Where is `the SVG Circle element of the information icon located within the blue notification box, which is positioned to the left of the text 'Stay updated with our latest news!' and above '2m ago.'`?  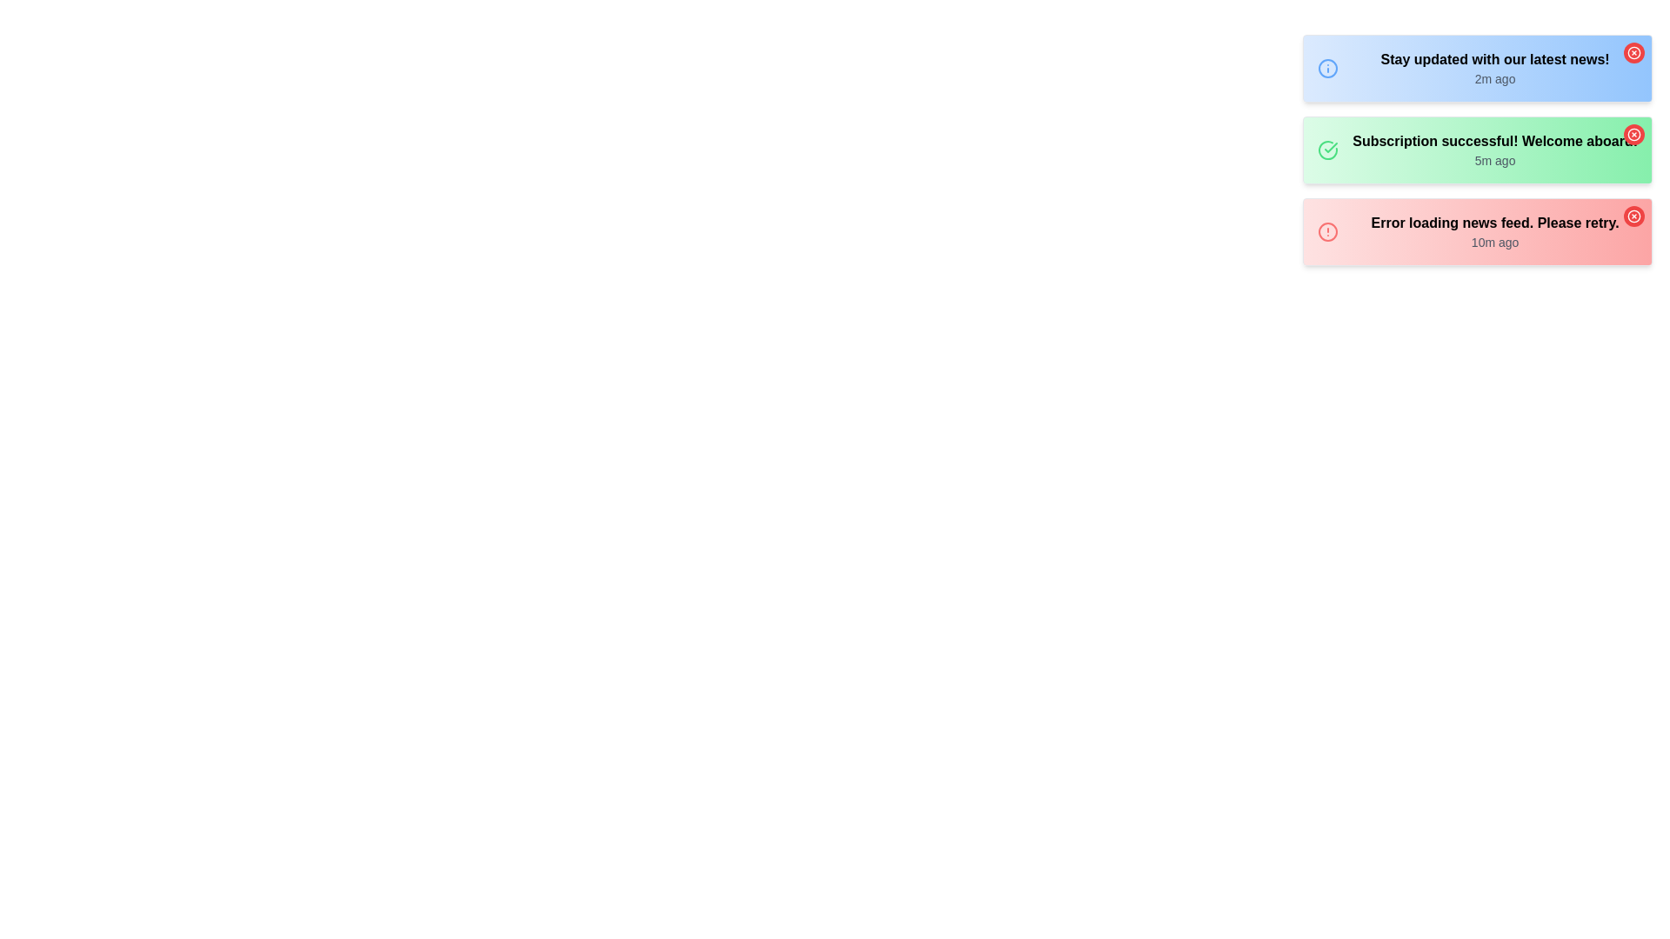
the SVG Circle element of the information icon located within the blue notification box, which is positioned to the left of the text 'Stay updated with our latest news!' and above '2m ago.' is located at coordinates (1327, 67).